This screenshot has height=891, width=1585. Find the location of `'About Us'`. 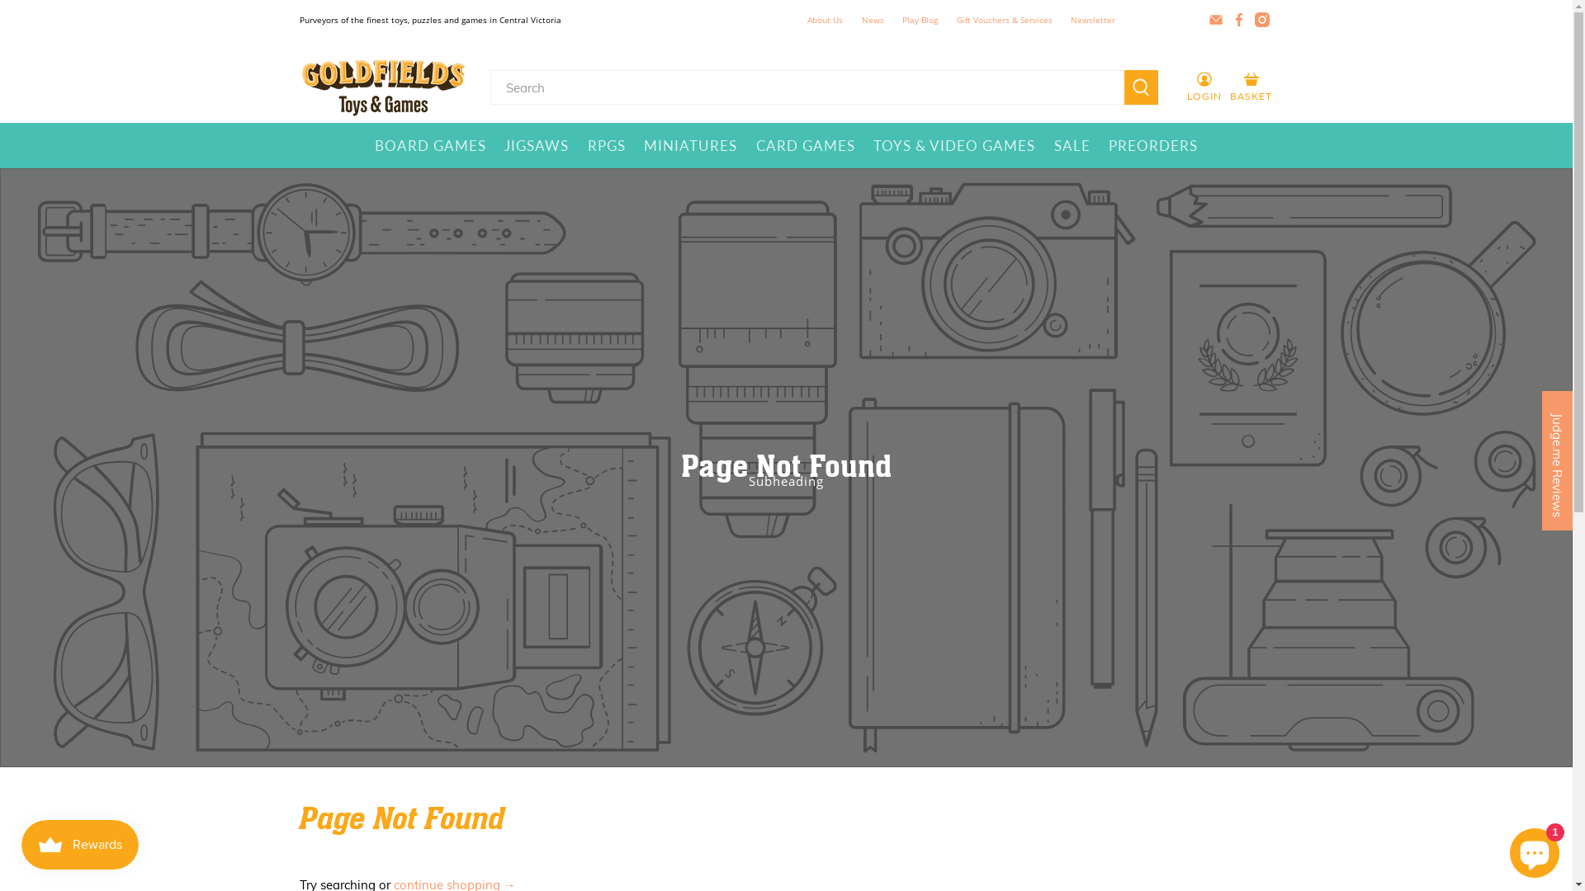

'About Us' is located at coordinates (825, 20).